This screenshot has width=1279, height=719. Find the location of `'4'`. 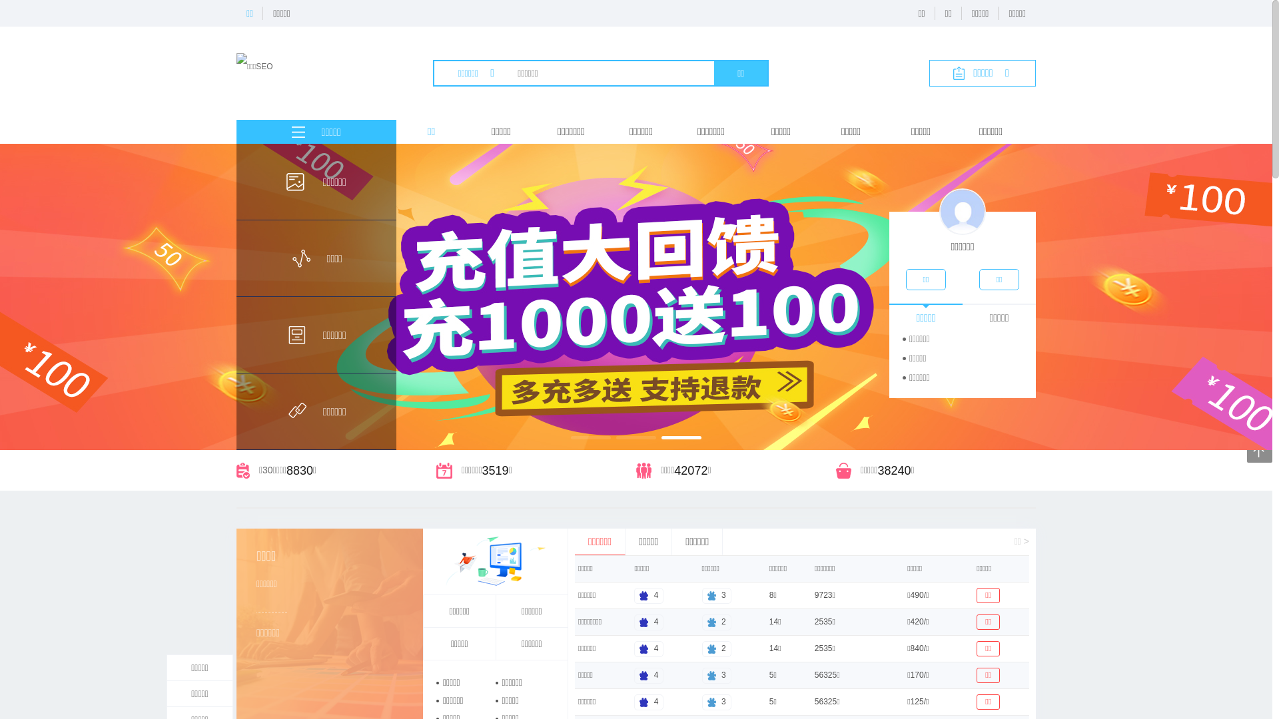

'4' is located at coordinates (633, 675).